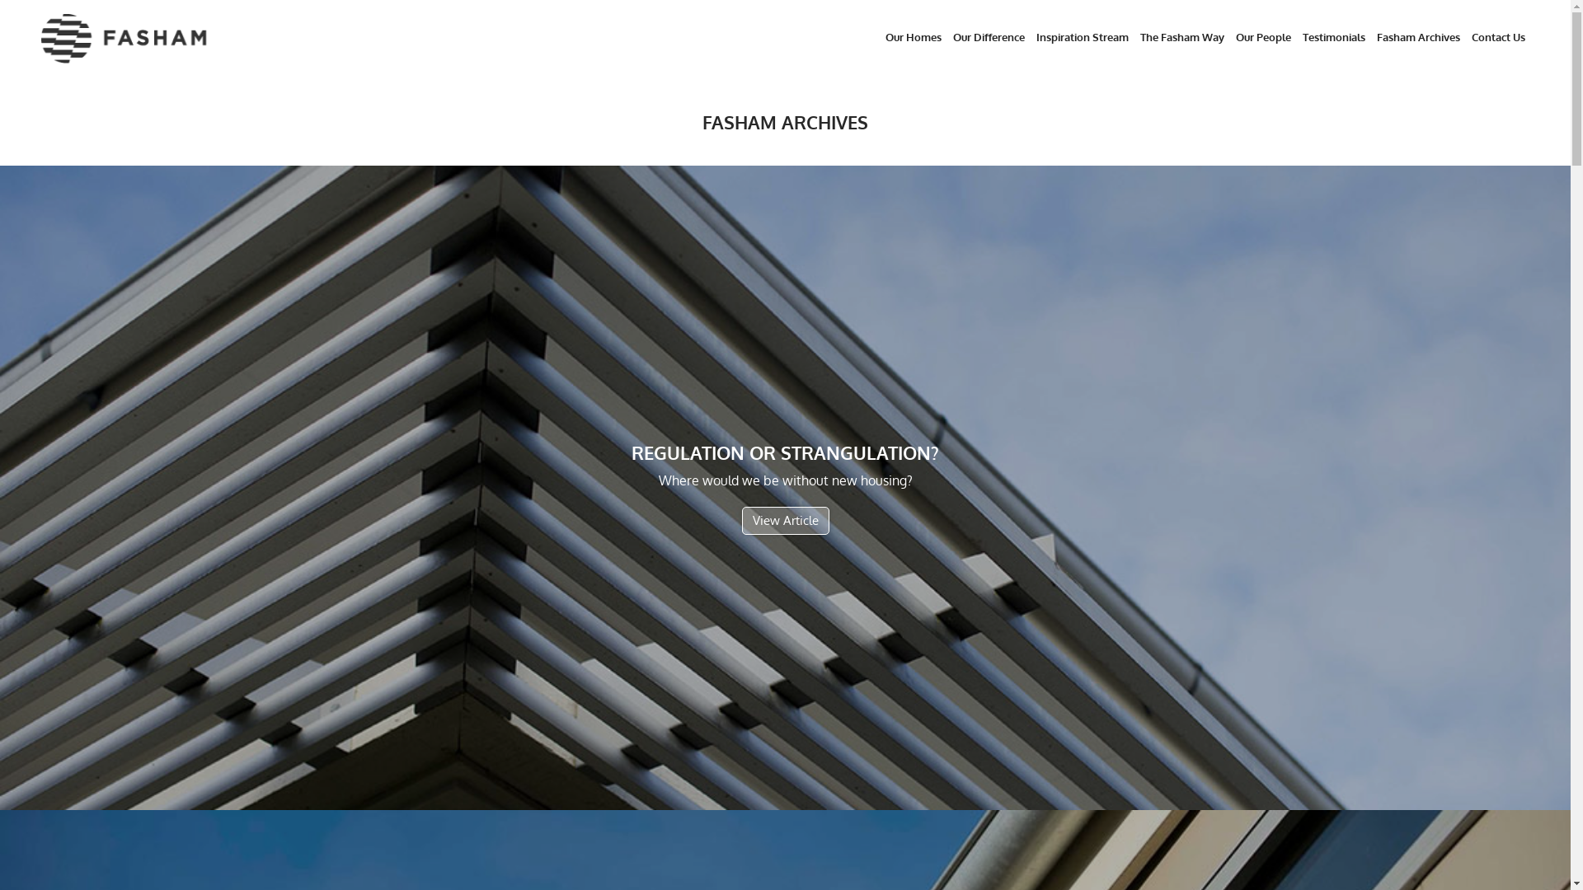  Describe the element at coordinates (741, 521) in the screenshot. I see `'View Article'` at that location.